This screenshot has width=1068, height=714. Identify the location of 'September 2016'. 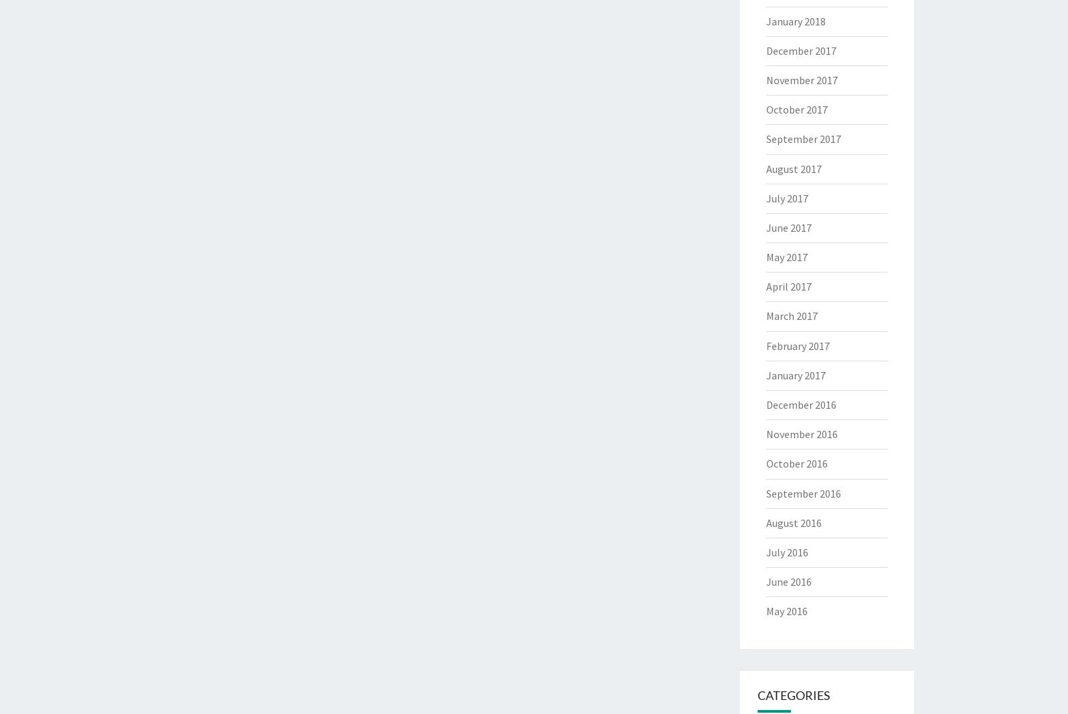
(766, 492).